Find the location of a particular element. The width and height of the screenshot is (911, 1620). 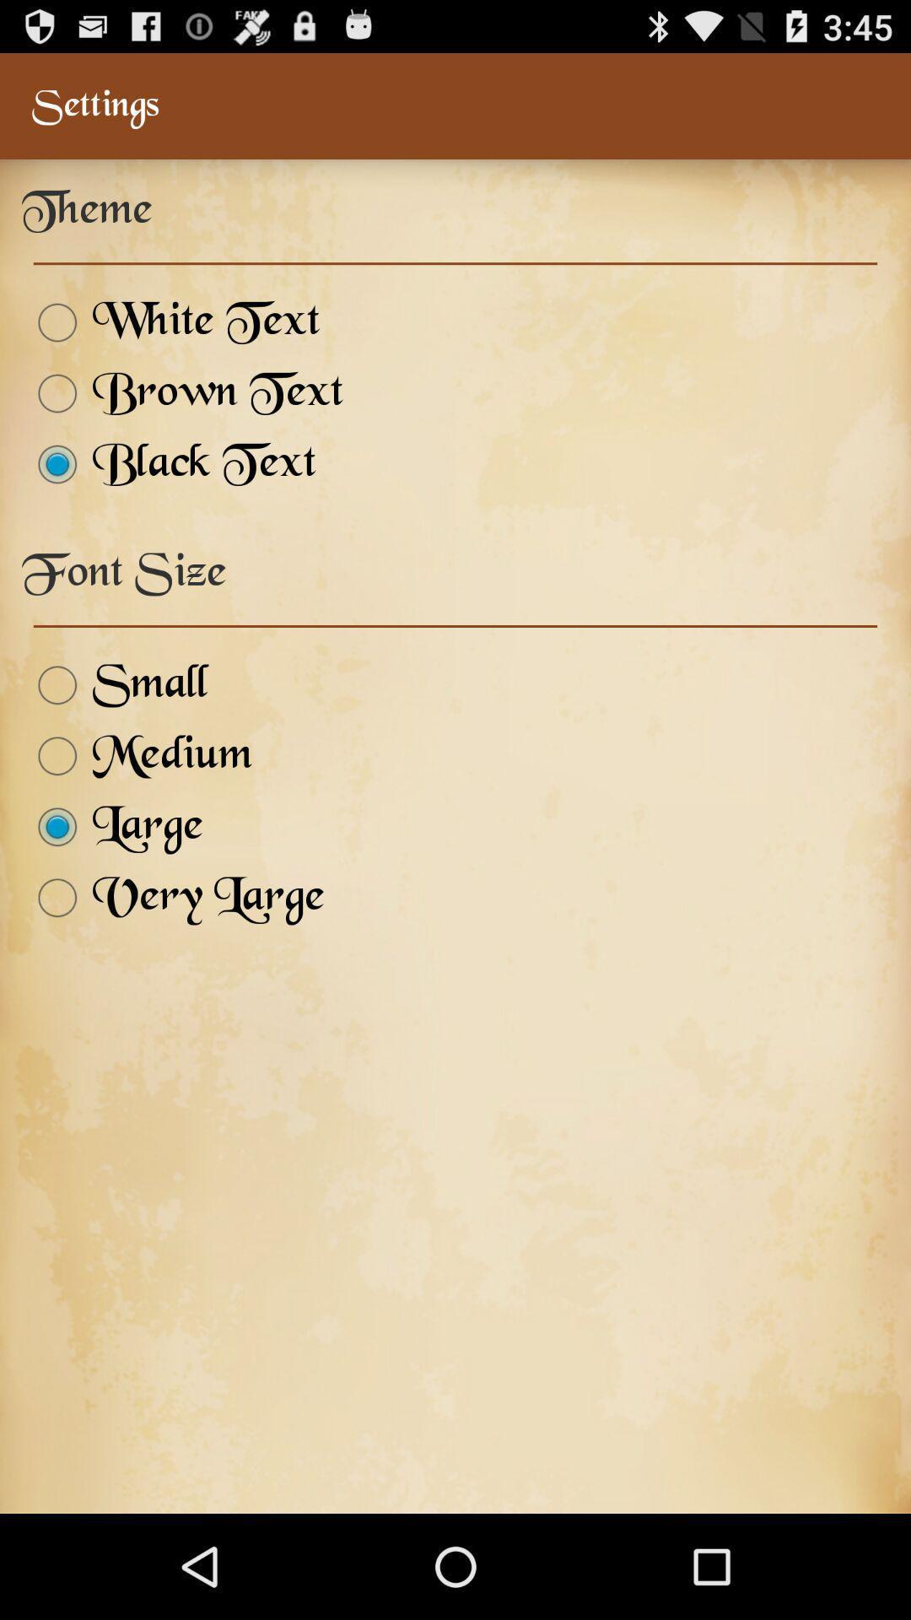

the white text item is located at coordinates (170, 322).